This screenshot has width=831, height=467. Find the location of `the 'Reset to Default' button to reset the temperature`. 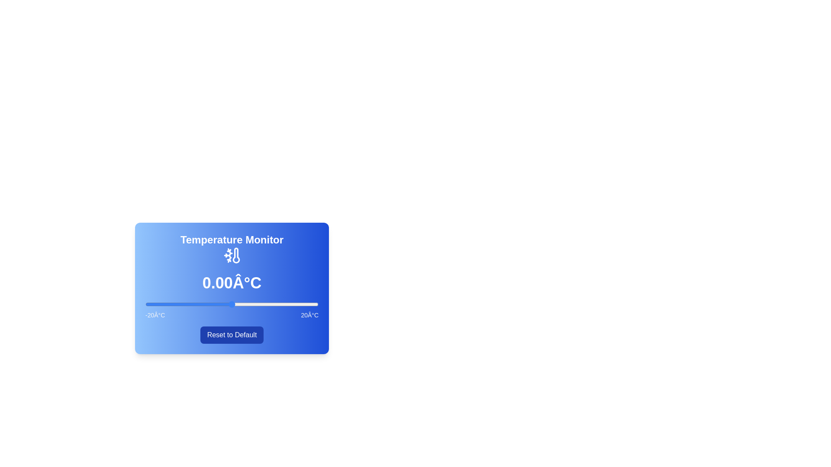

the 'Reset to Default' button to reset the temperature is located at coordinates (232, 335).